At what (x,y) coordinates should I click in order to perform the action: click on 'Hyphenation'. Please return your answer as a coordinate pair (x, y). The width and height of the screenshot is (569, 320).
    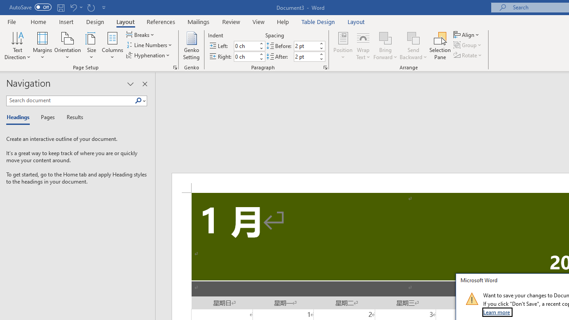
    Looking at the image, I should click on (148, 55).